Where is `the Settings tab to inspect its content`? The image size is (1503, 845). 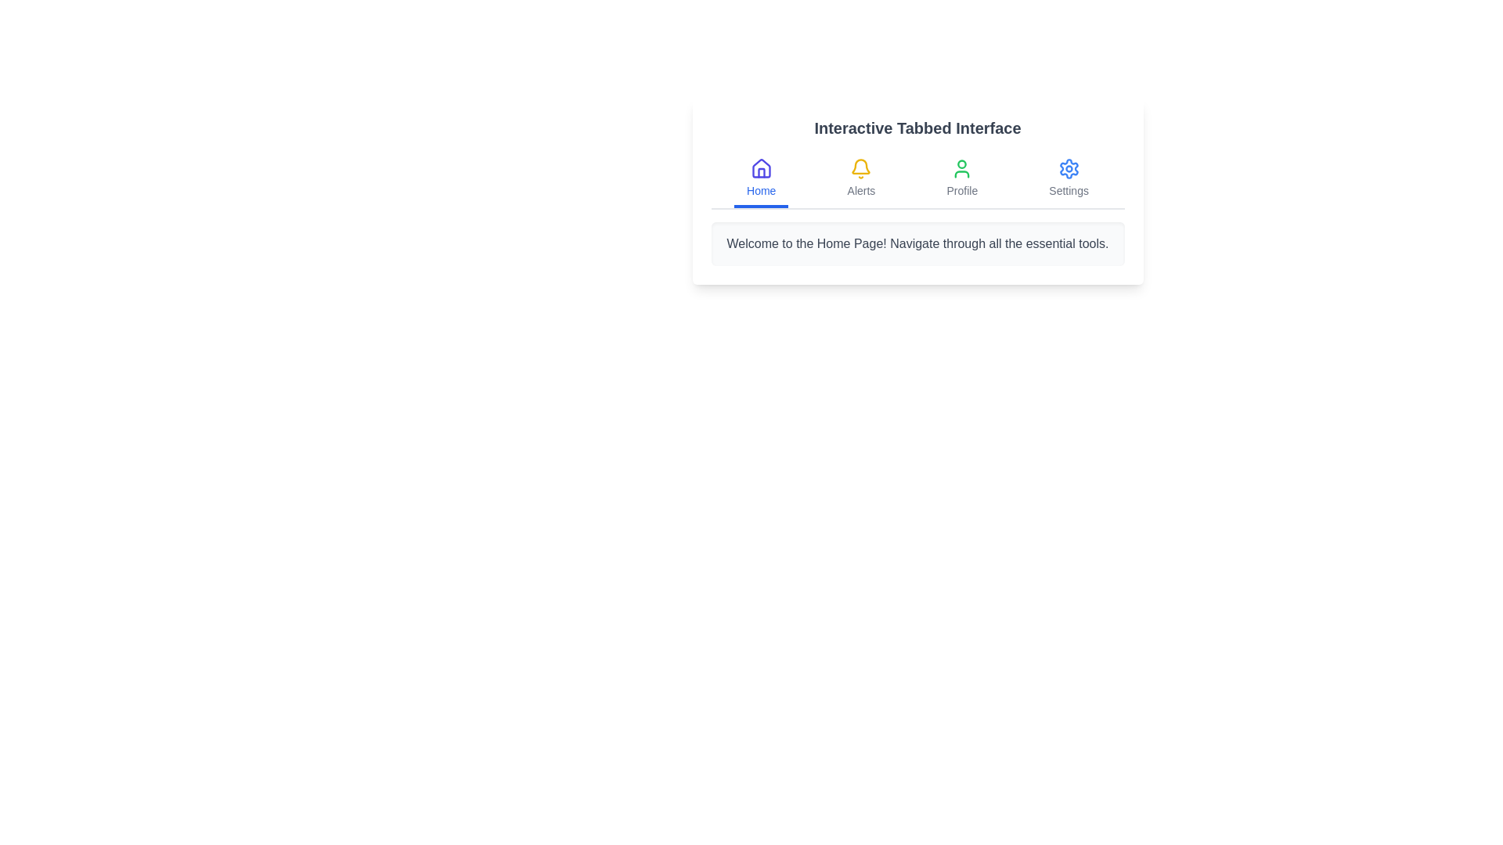 the Settings tab to inspect its content is located at coordinates (1067, 179).